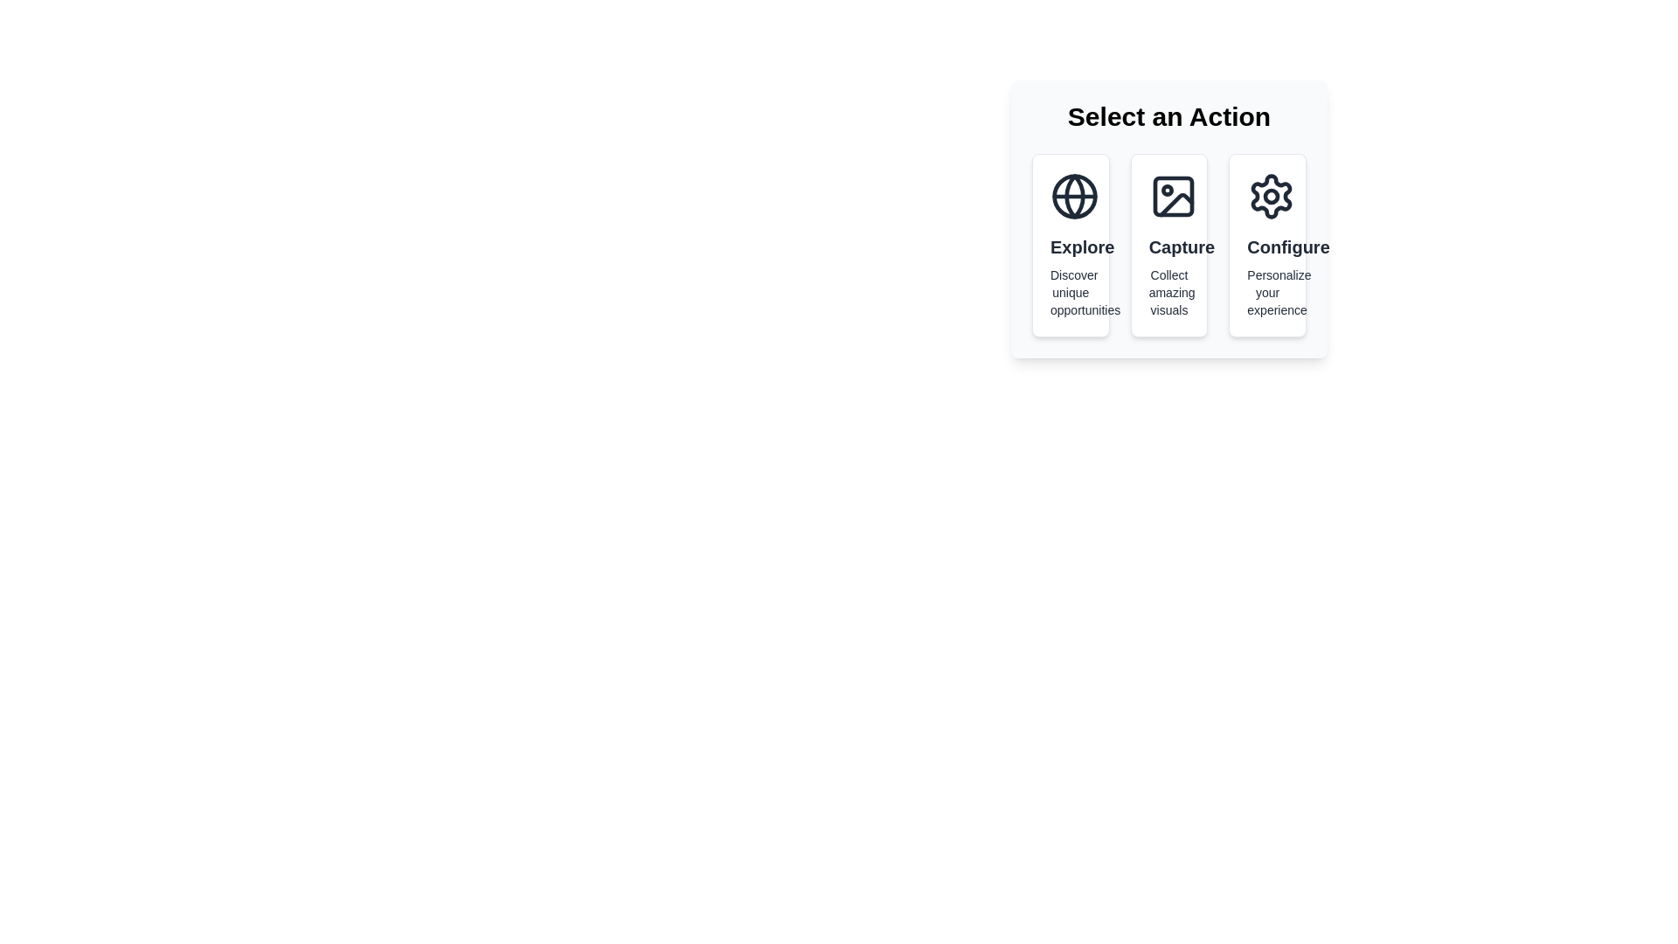  Describe the element at coordinates (1169, 246) in the screenshot. I see `the 'Capture' text label, which is styled in bold and larger font, positioned centrally below an image icon and above a smaller text description` at that location.